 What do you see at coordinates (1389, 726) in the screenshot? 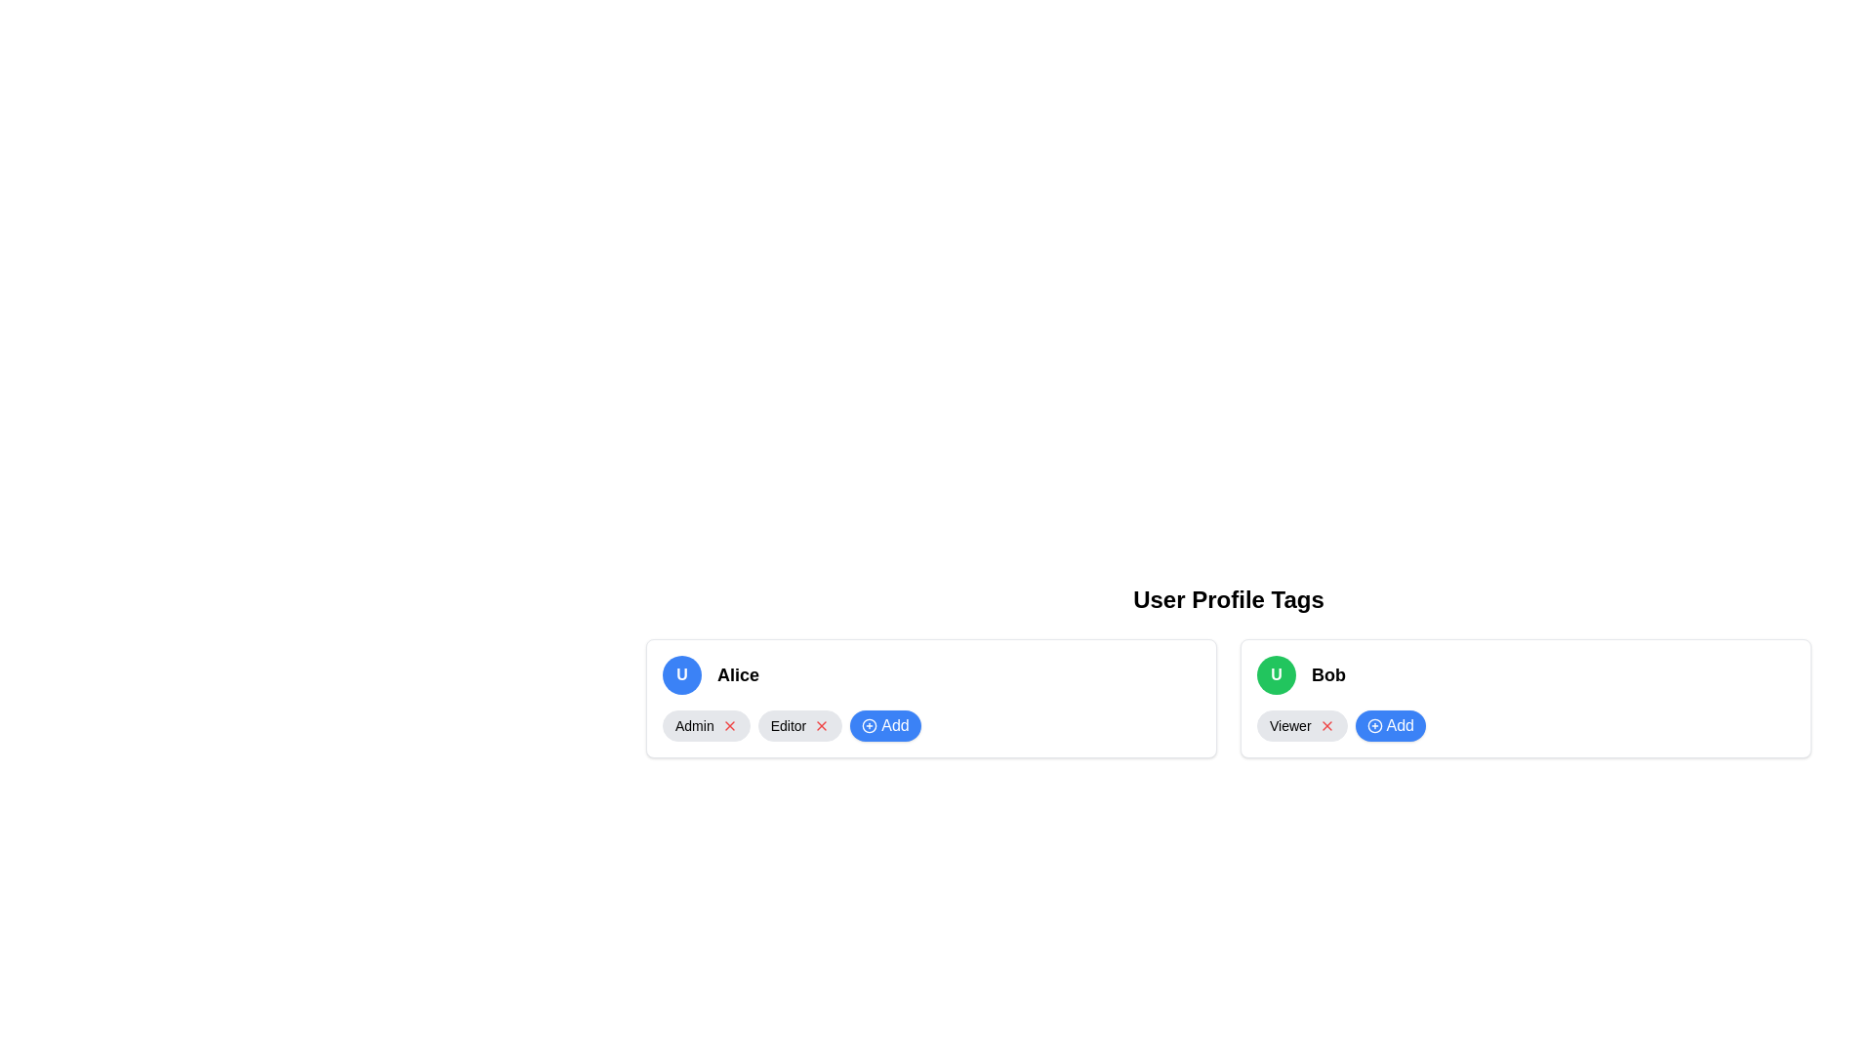
I see `the button` at bounding box center [1389, 726].